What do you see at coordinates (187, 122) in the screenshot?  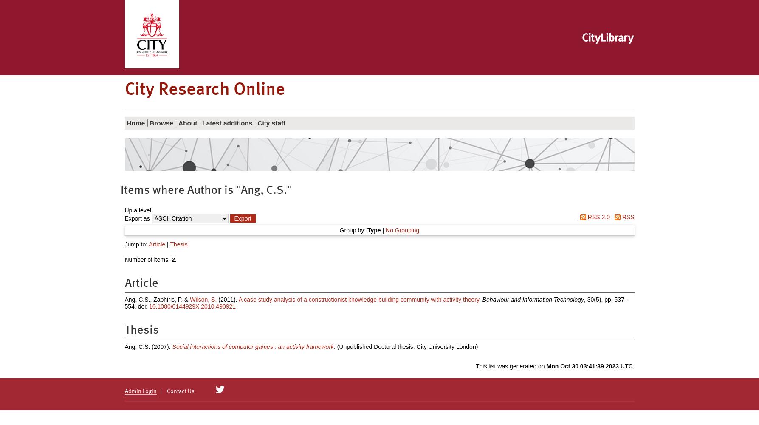 I see `'About'` at bounding box center [187, 122].